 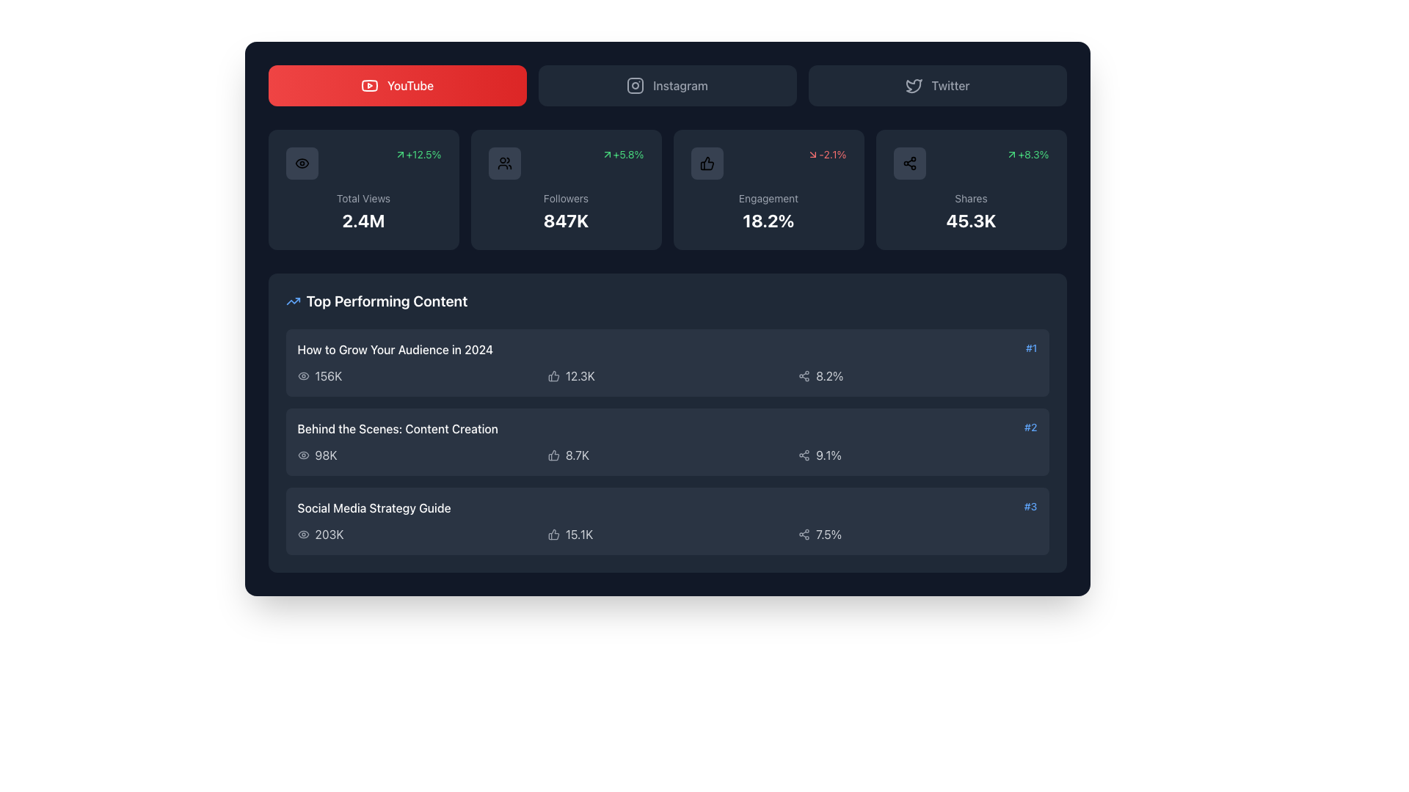 What do you see at coordinates (971, 220) in the screenshot?
I see `the large bold white-colored number text '45.3K' in the 'Shares' box at the top-right part of the dashboard interface` at bounding box center [971, 220].